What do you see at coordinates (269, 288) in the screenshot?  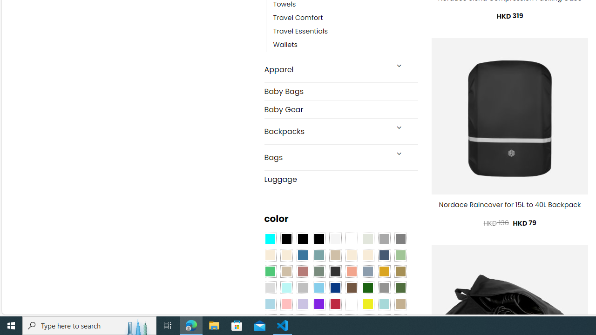 I see `'Light Gray'` at bounding box center [269, 288].